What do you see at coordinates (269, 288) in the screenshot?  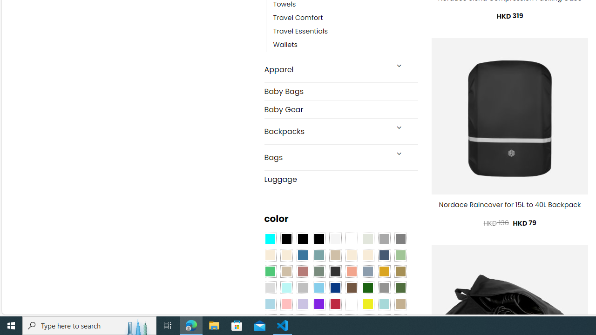 I see `'Light Gray'` at bounding box center [269, 288].